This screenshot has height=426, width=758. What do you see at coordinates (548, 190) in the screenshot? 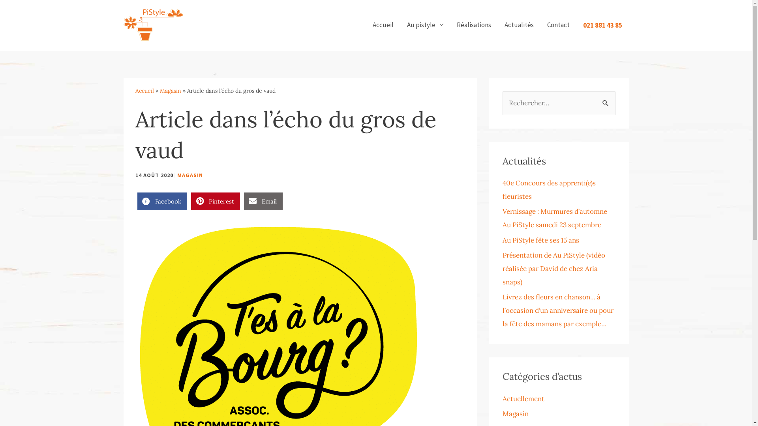
I see `'40e Concours des apprenti(e)s fleuristes'` at bounding box center [548, 190].